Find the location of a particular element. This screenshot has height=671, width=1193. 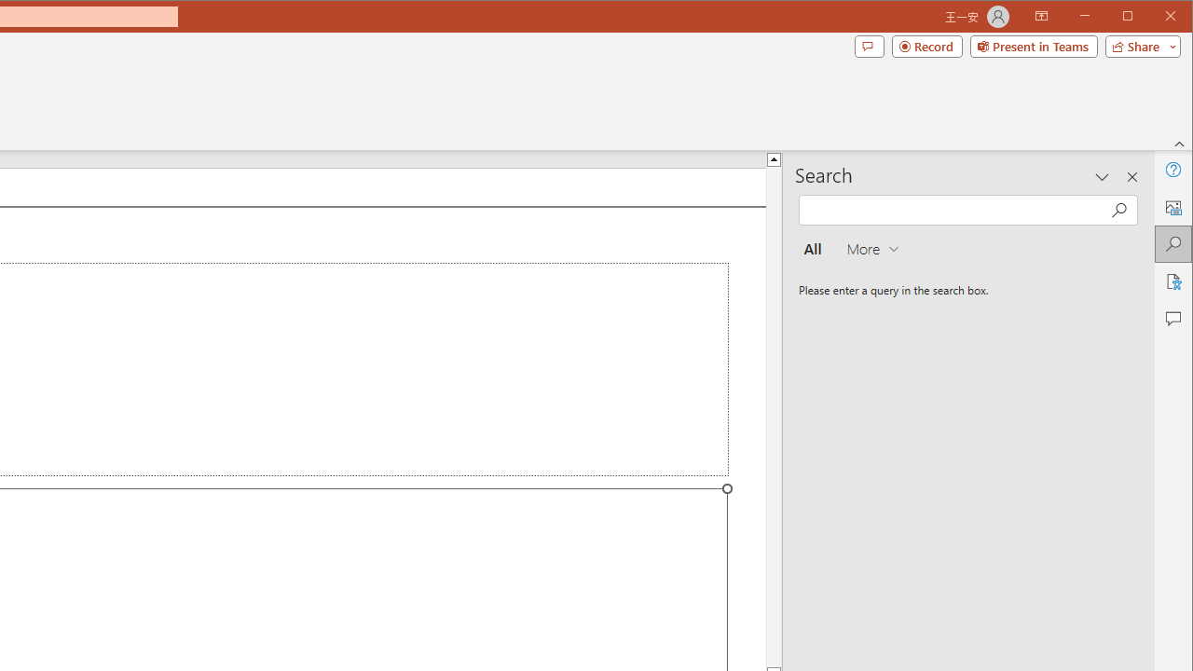

'Maximize' is located at coordinates (1154, 18).